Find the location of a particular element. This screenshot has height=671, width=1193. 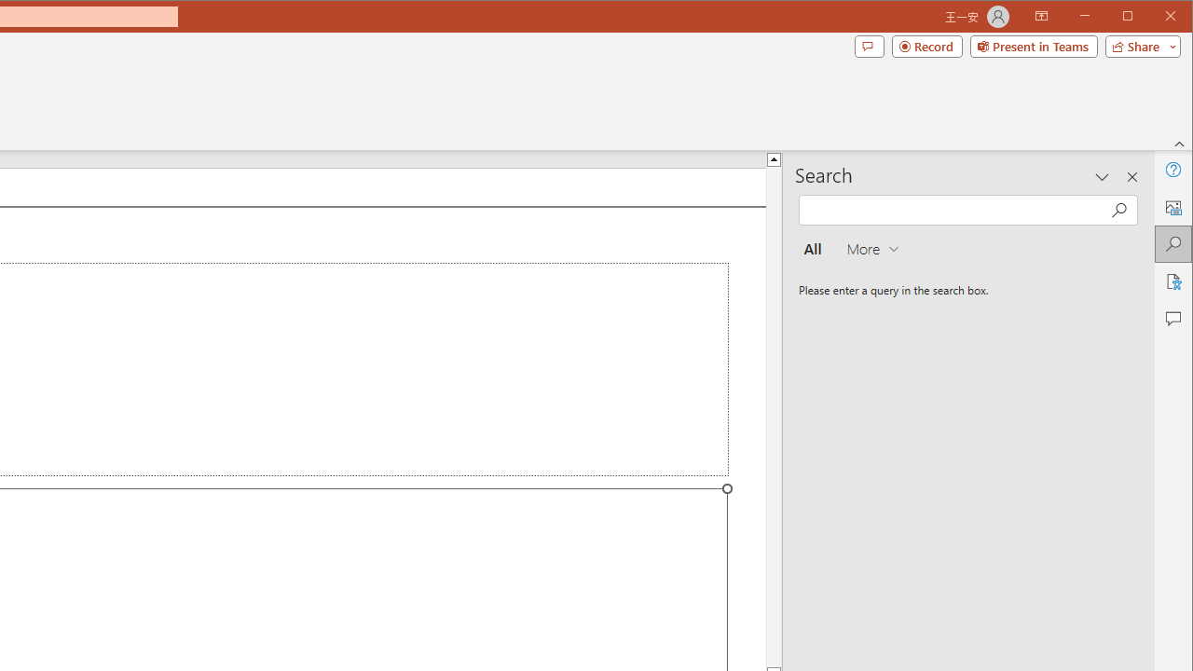

'Maximize' is located at coordinates (1154, 18).